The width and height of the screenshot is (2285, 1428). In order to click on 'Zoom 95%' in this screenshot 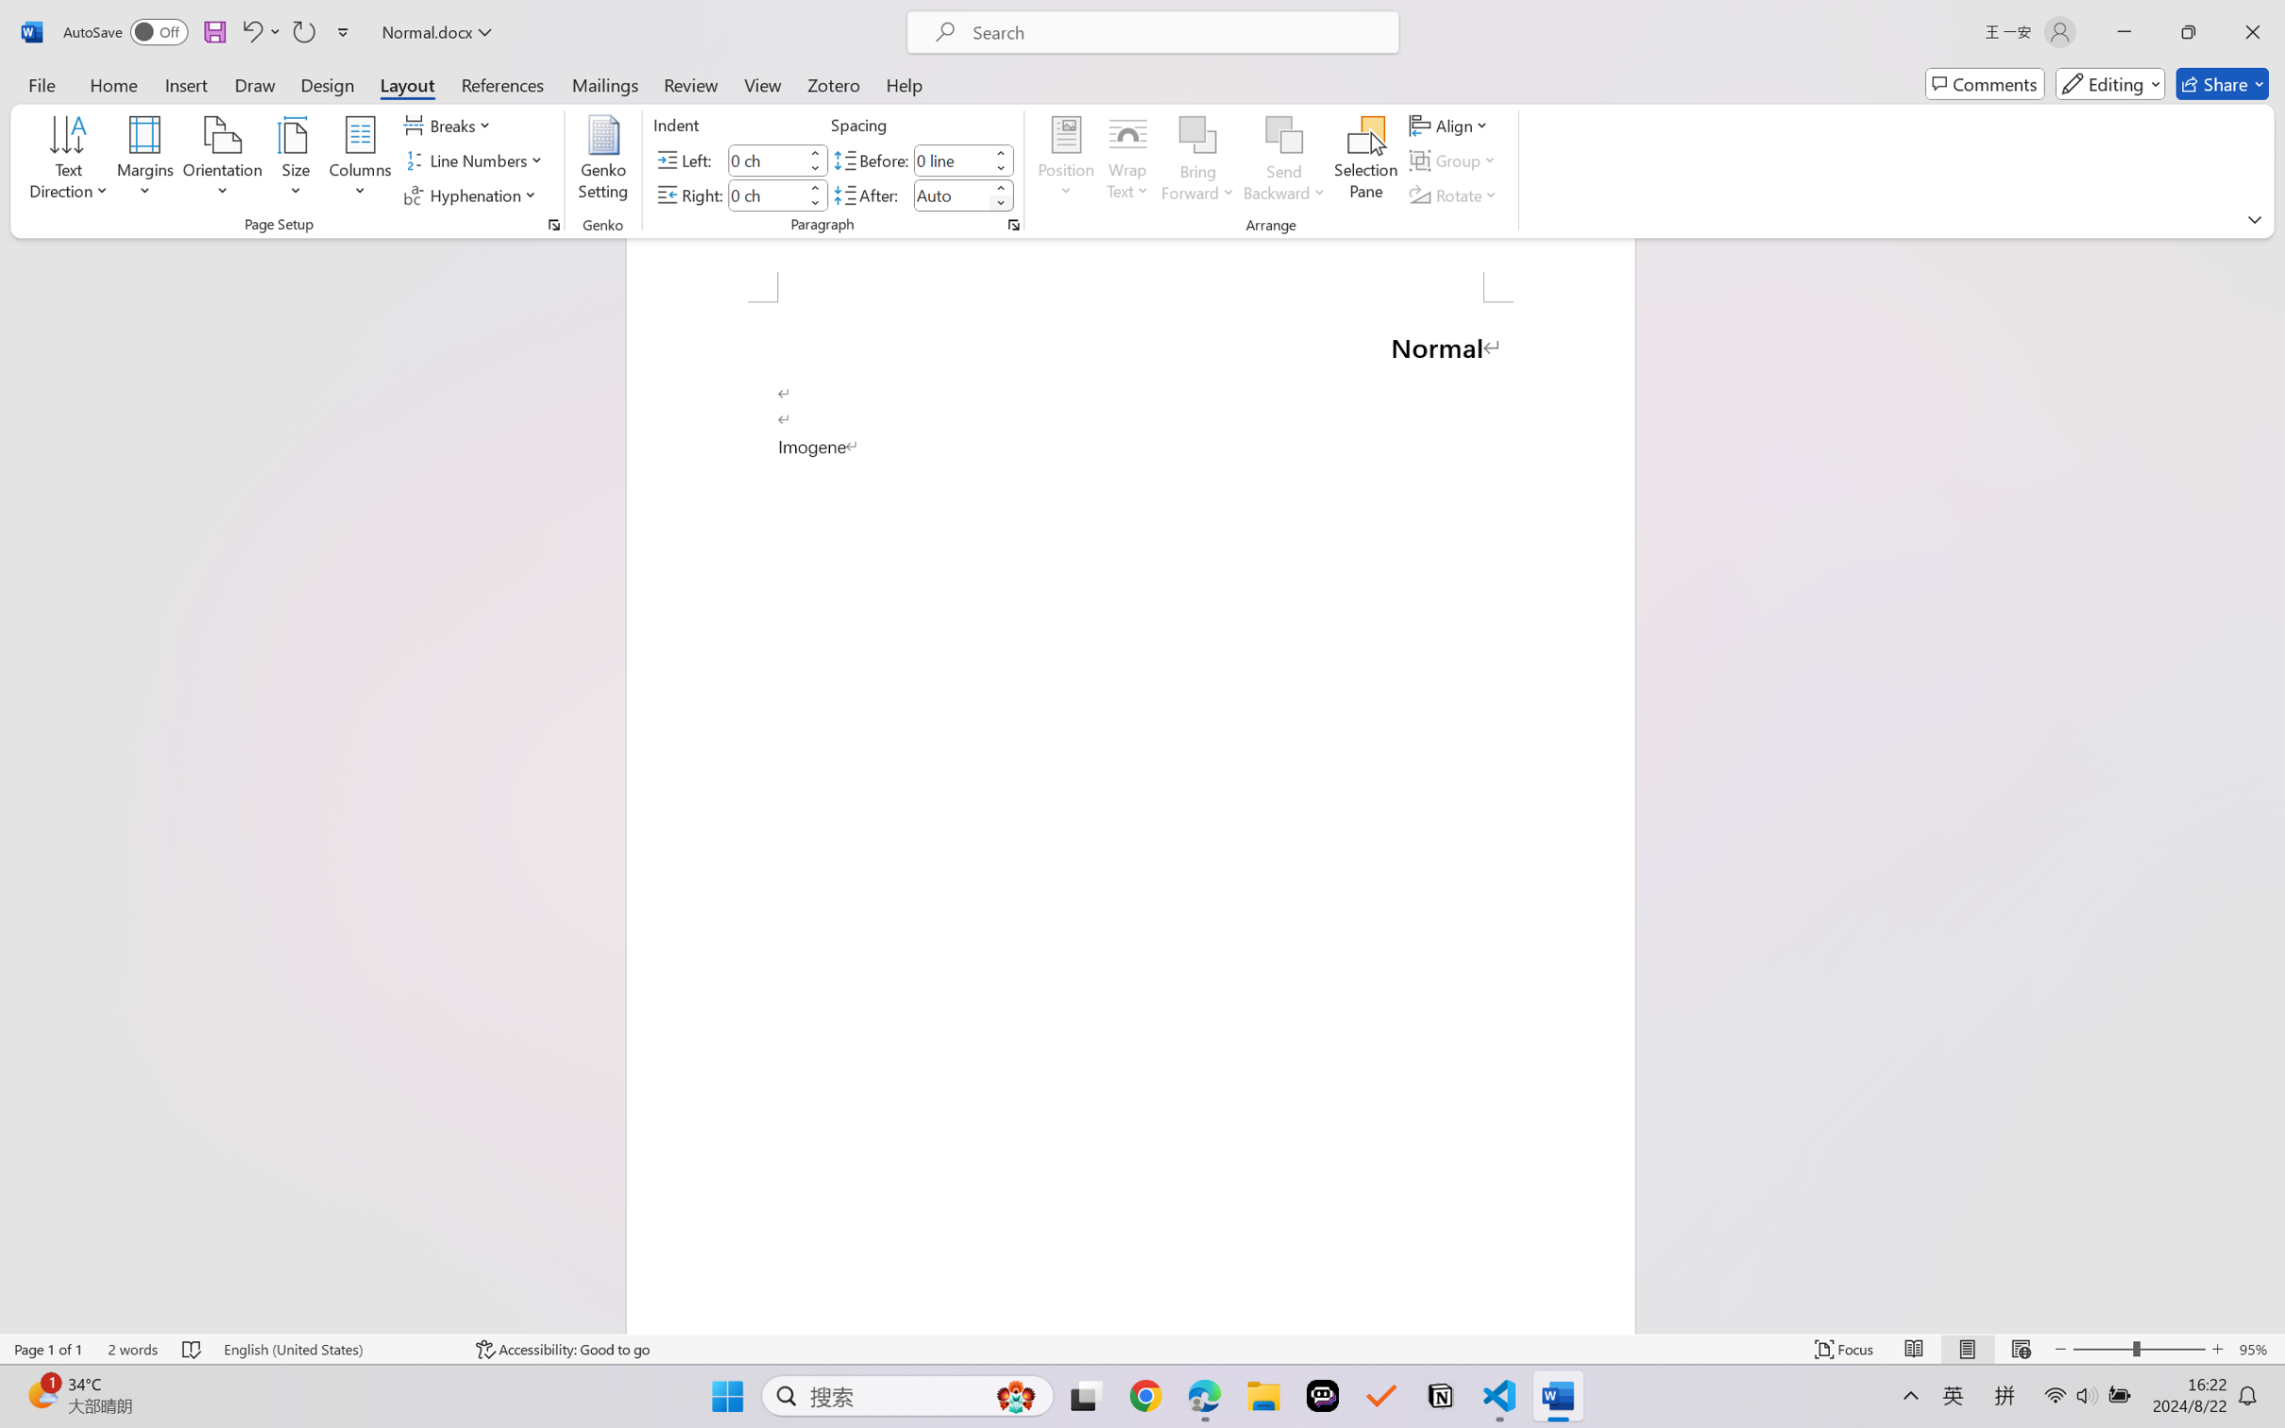, I will do `click(2257, 1349)`.